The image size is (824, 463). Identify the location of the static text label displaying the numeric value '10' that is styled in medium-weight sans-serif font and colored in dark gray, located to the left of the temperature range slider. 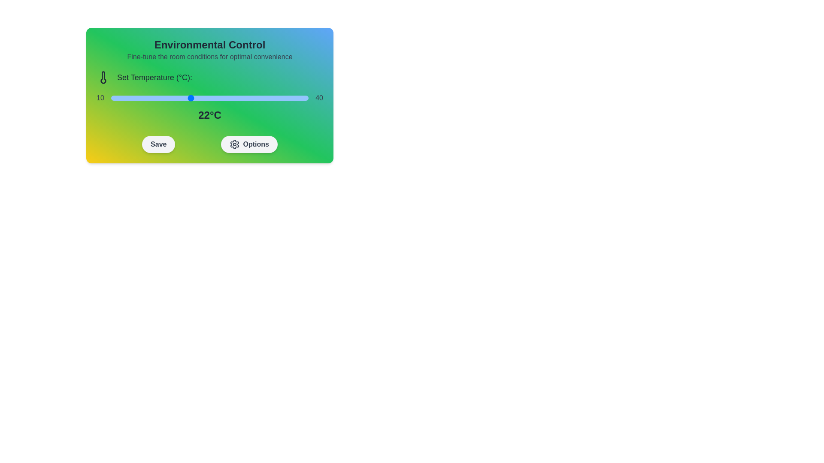
(100, 97).